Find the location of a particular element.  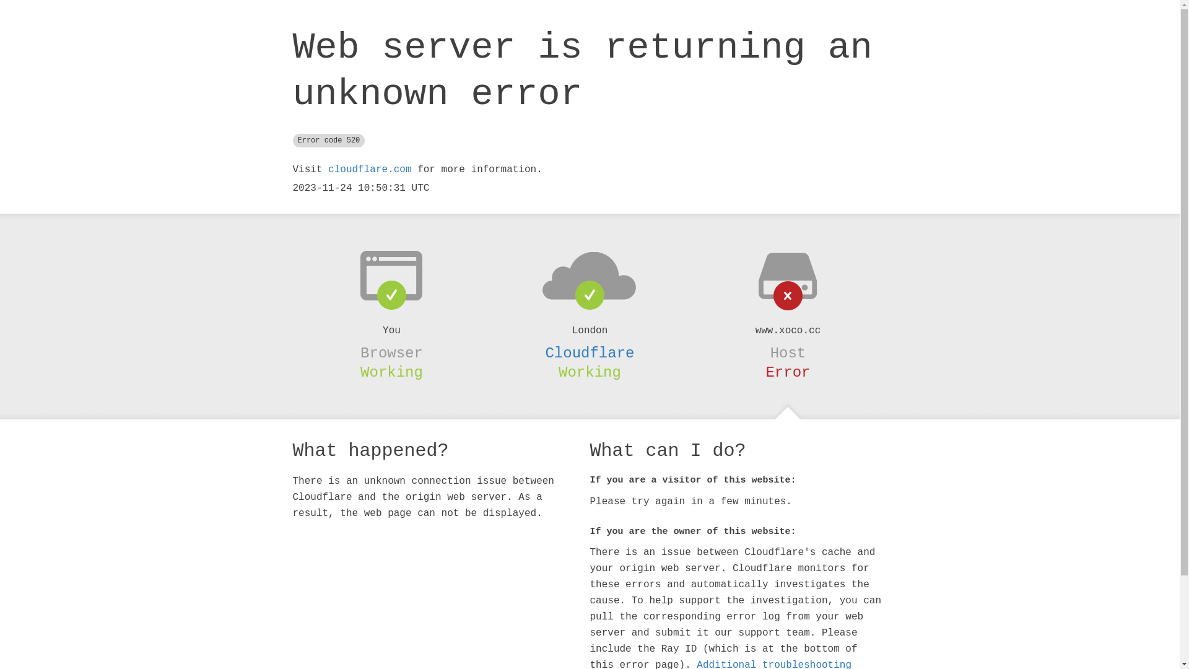

'cloudflare.com' is located at coordinates (368, 169).